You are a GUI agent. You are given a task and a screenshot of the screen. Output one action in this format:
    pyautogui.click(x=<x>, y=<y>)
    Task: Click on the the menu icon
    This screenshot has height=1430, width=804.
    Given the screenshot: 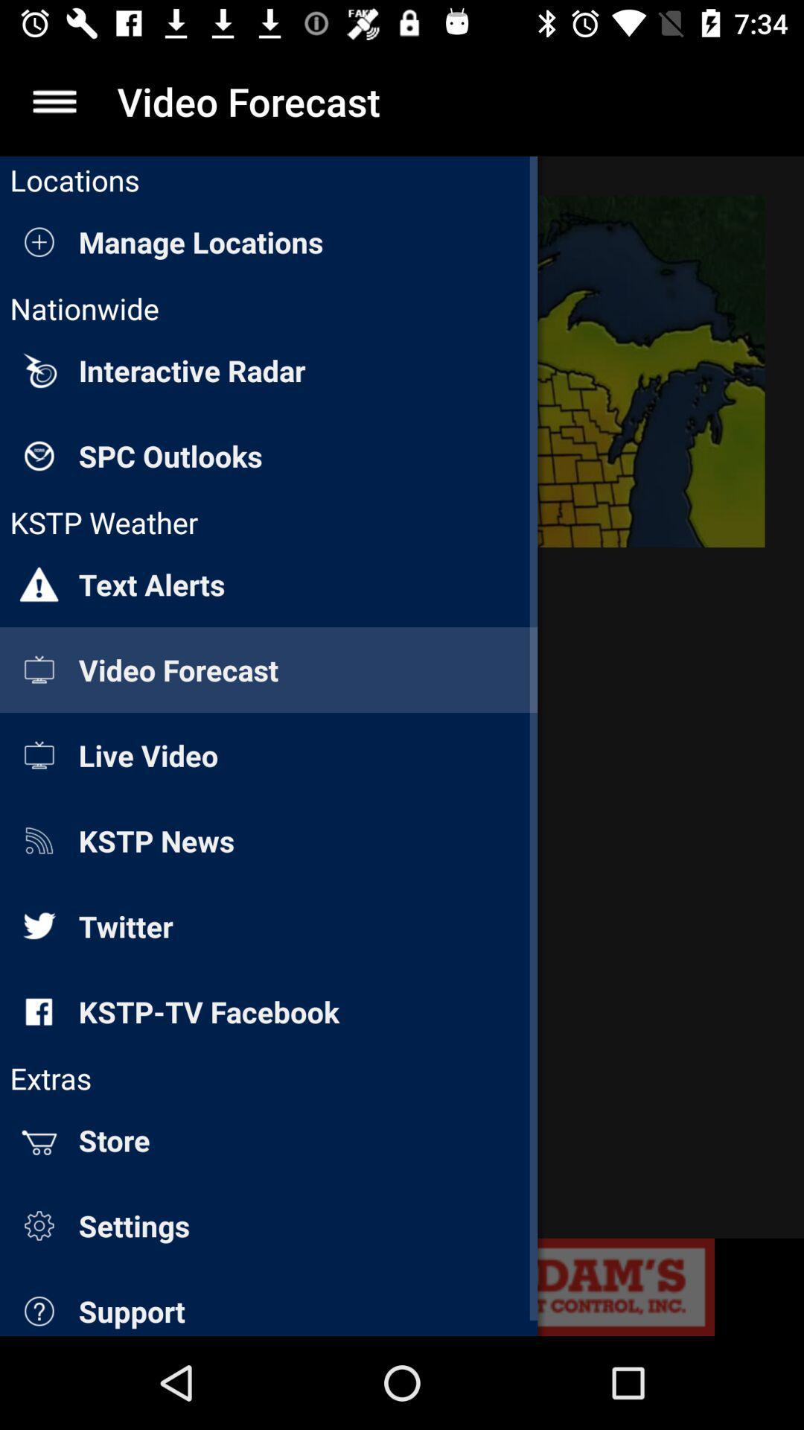 What is the action you would take?
    pyautogui.click(x=54, y=101)
    